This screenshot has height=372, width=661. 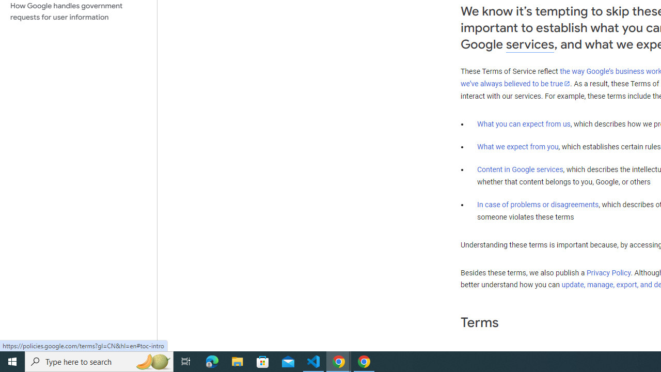 I want to click on 'What we expect from you', so click(x=517, y=147).